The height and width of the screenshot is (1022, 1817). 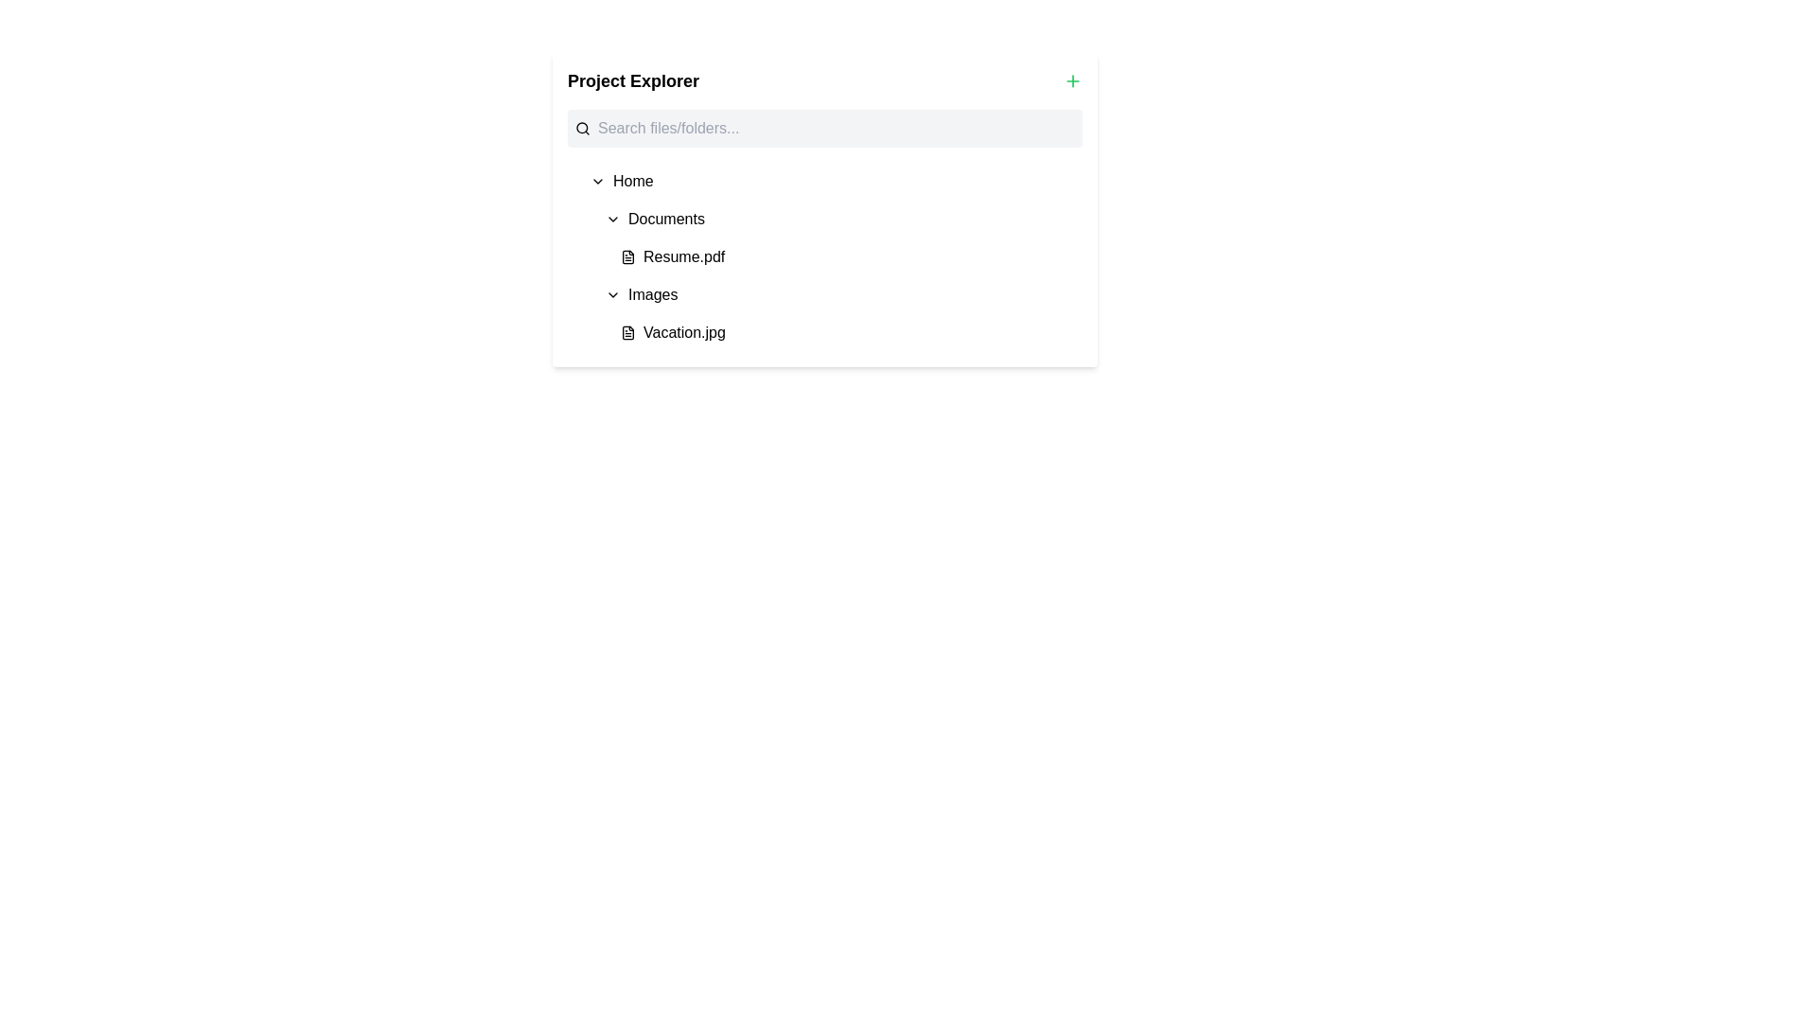 What do you see at coordinates (613, 295) in the screenshot?
I see `the icon located to the left of the 'Images' label` at bounding box center [613, 295].